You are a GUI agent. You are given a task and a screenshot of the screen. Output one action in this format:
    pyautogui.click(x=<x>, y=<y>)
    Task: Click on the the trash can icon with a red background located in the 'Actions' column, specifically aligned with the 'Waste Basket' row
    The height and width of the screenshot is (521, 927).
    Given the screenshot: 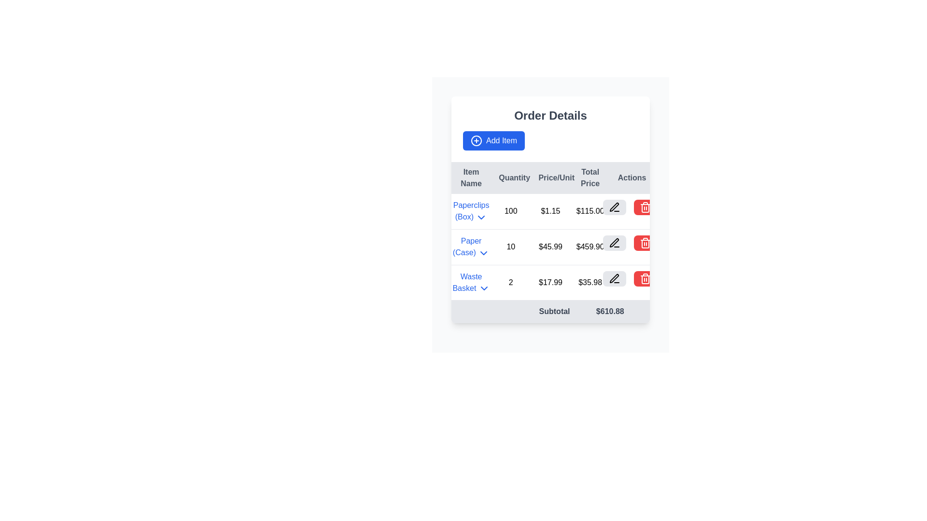 What is the action you would take?
    pyautogui.click(x=645, y=278)
    